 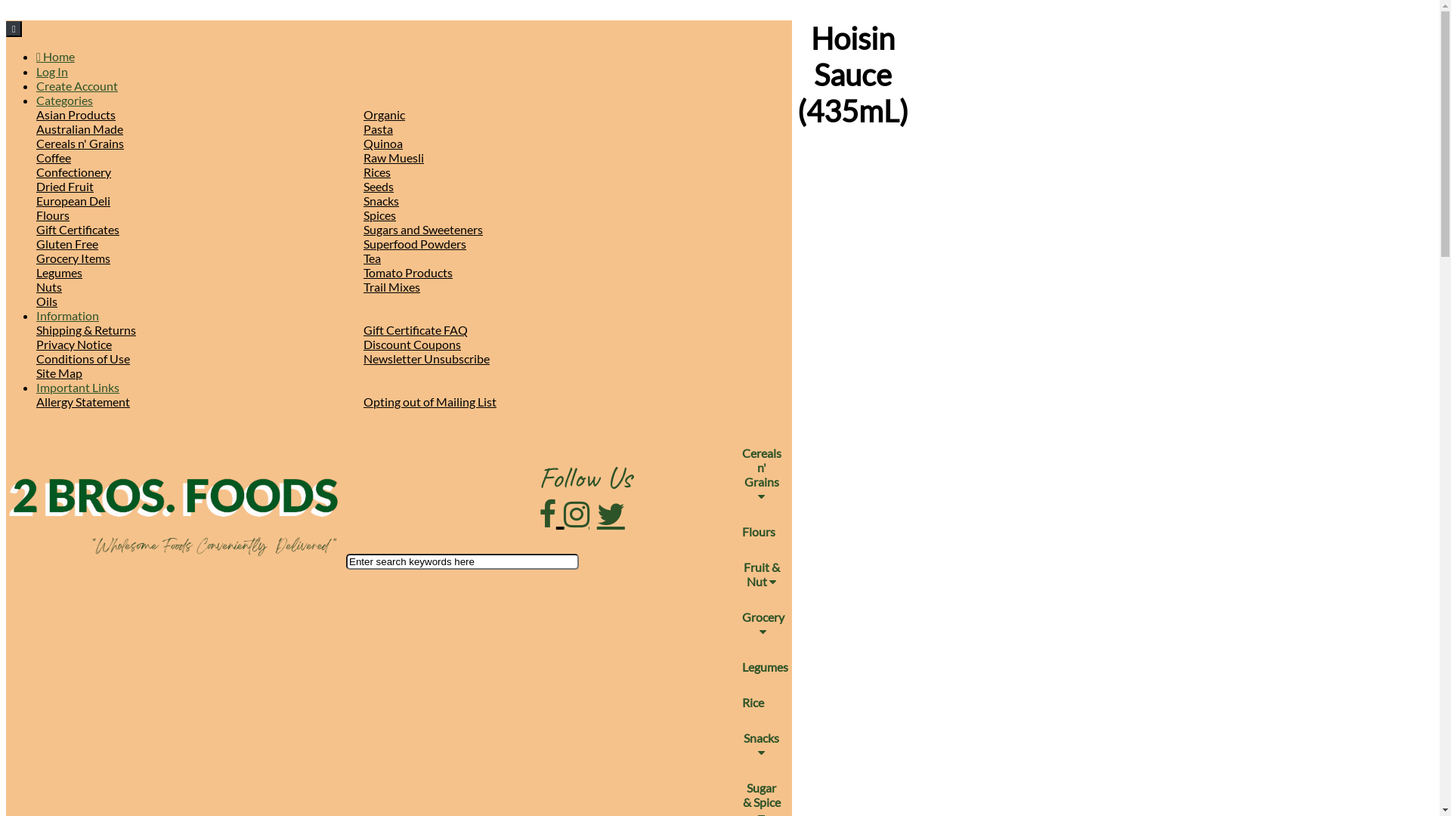 What do you see at coordinates (378, 185) in the screenshot?
I see `'Seeds'` at bounding box center [378, 185].